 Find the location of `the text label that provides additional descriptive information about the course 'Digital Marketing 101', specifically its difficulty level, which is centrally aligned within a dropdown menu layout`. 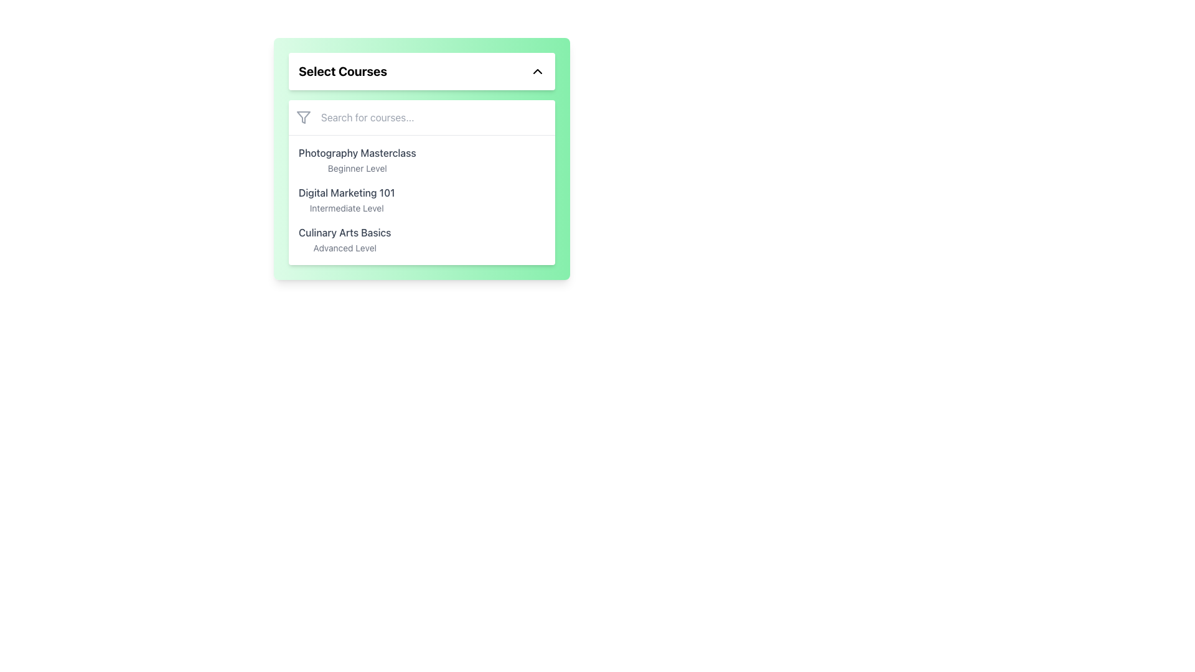

the text label that provides additional descriptive information about the course 'Digital Marketing 101', specifically its difficulty level, which is centrally aligned within a dropdown menu layout is located at coordinates (347, 207).